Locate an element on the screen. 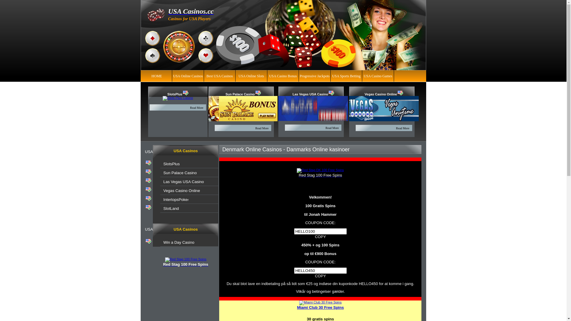 Image resolution: width=571 pixels, height=321 pixels. 'SlotLand' is located at coordinates (171, 208).